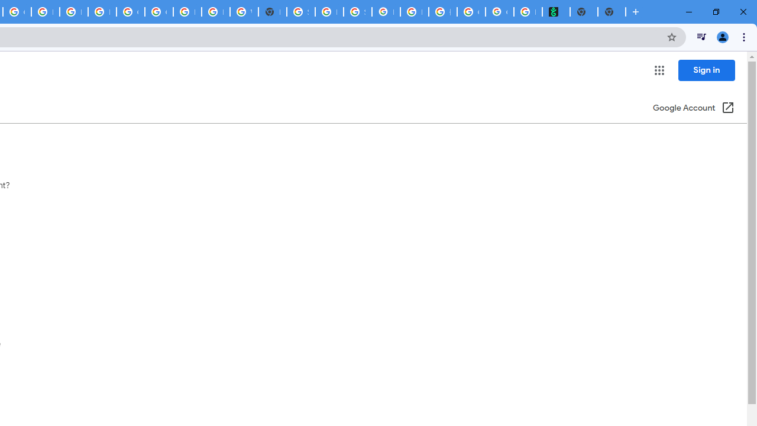 The image size is (757, 426). I want to click on 'Google Cloud Platform', so click(130, 12).